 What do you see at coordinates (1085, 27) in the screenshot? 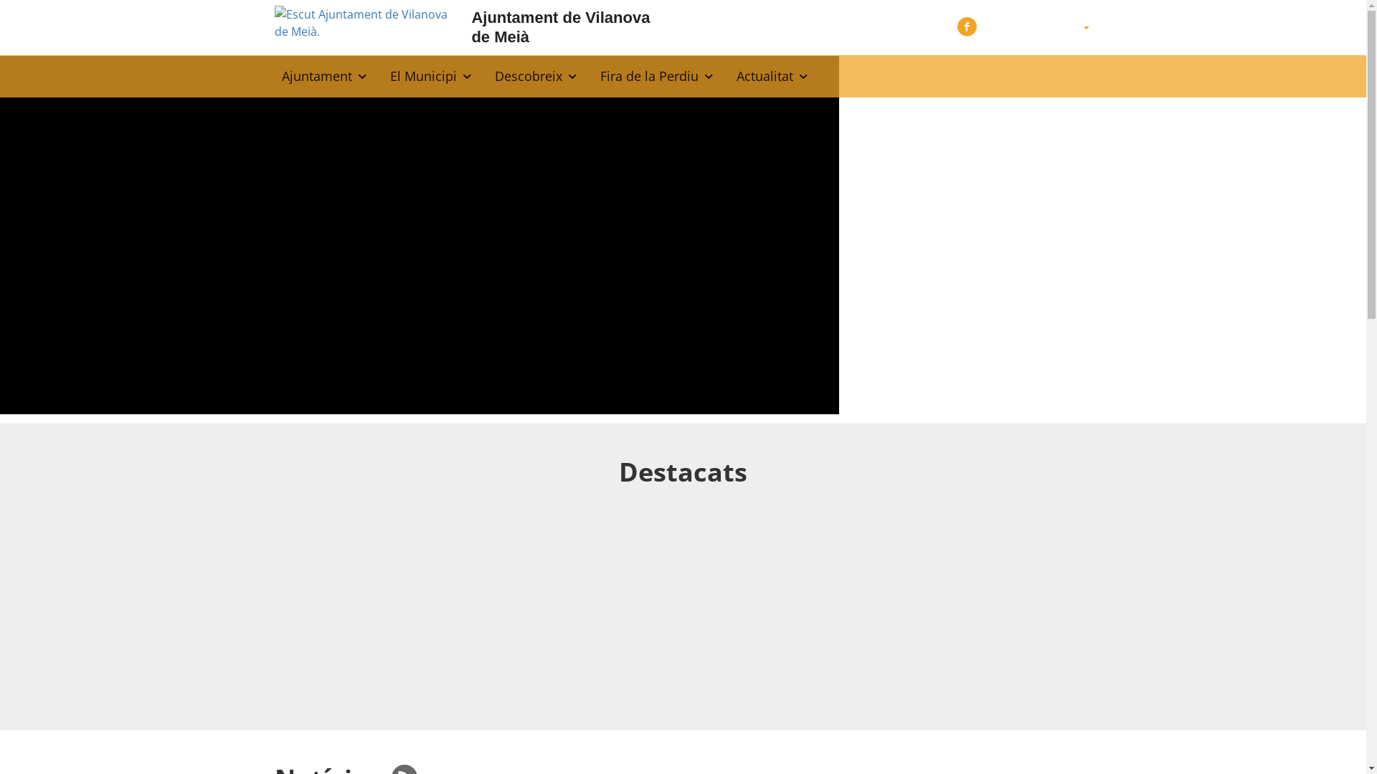
I see `'languages'` at bounding box center [1085, 27].